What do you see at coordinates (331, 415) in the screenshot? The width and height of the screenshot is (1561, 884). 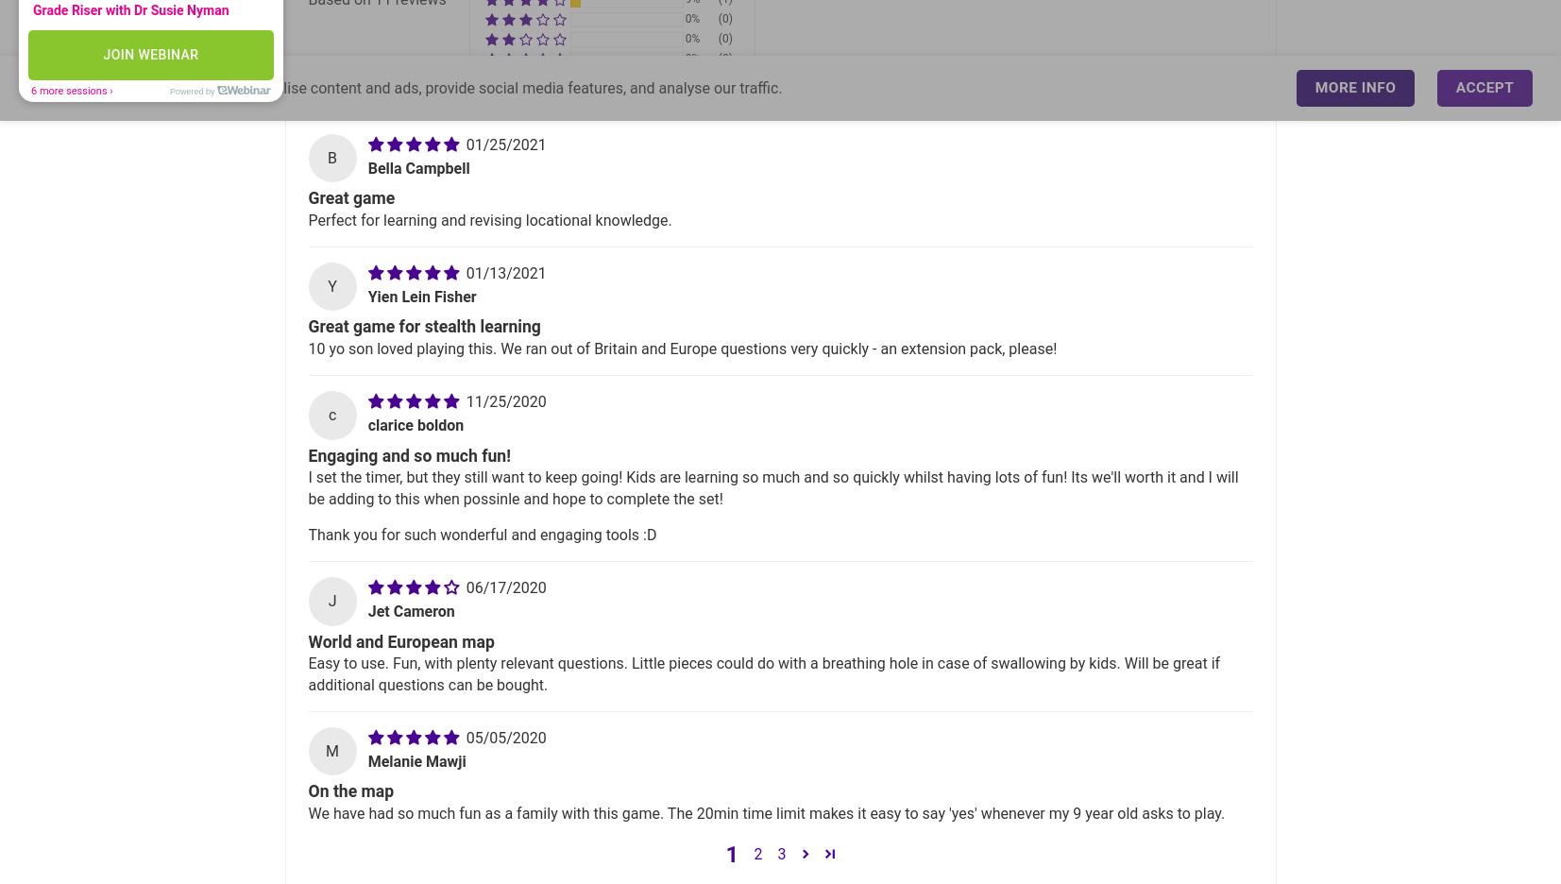 I see `'c'` at bounding box center [331, 415].